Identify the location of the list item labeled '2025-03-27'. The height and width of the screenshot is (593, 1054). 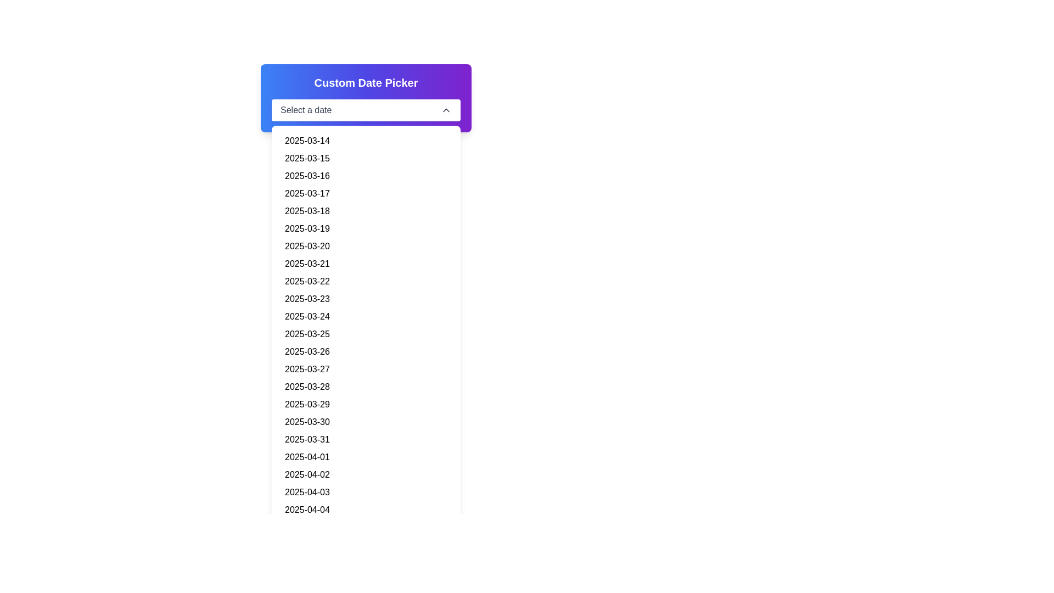
(366, 369).